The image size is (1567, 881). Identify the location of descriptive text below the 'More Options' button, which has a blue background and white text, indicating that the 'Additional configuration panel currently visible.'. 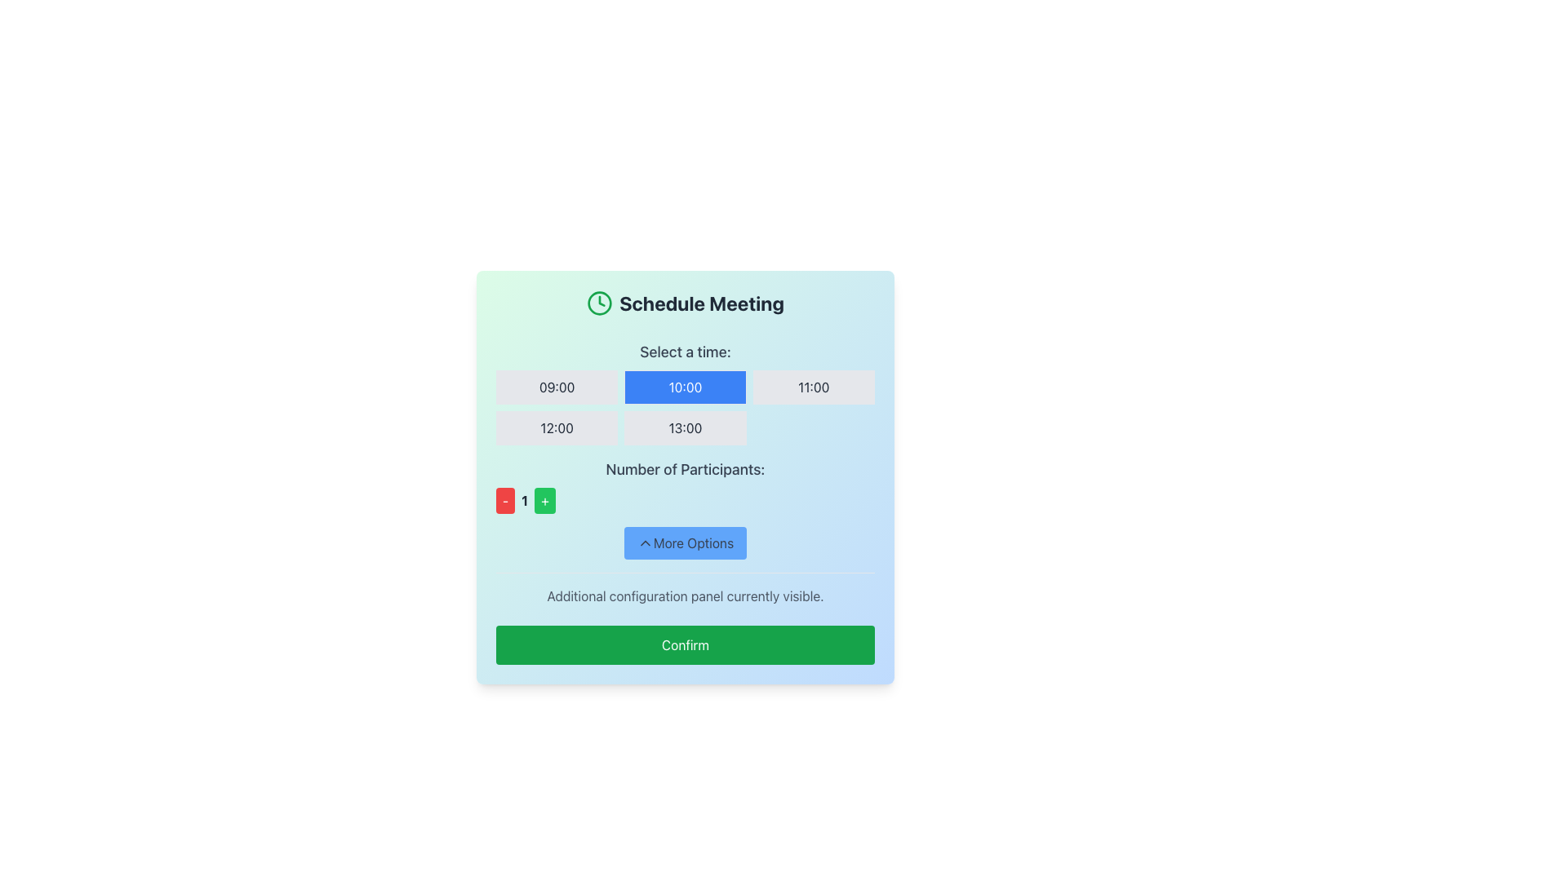
(686, 565).